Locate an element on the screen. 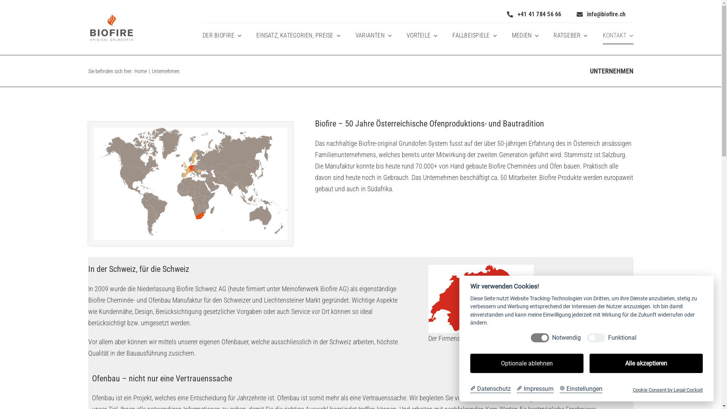  'Einstellungen' is located at coordinates (580, 389).